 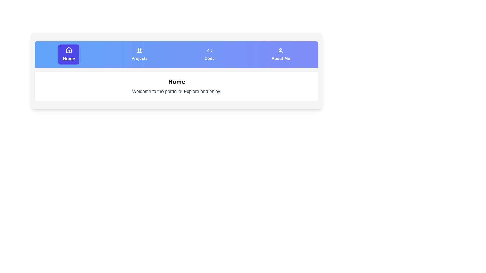 What do you see at coordinates (69, 55) in the screenshot?
I see `the Home tab to navigate to its content` at bounding box center [69, 55].